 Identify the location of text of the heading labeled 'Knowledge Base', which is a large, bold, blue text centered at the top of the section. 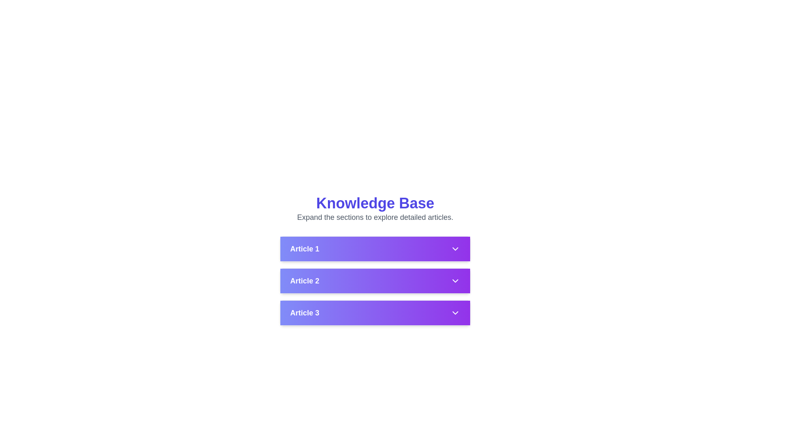
(375, 203).